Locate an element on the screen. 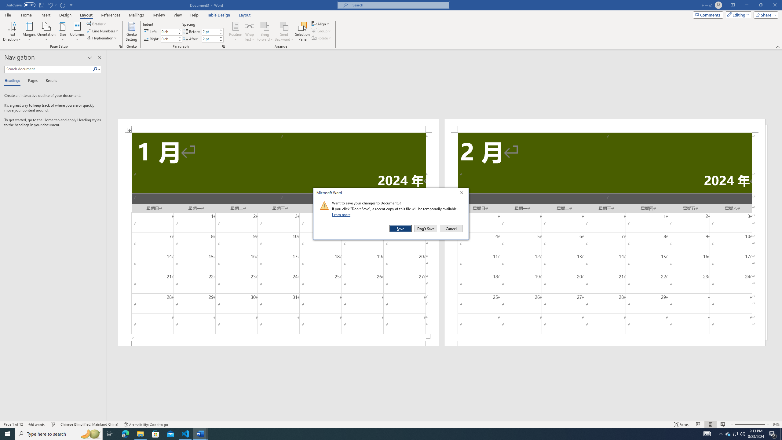  'View' is located at coordinates (178, 15).